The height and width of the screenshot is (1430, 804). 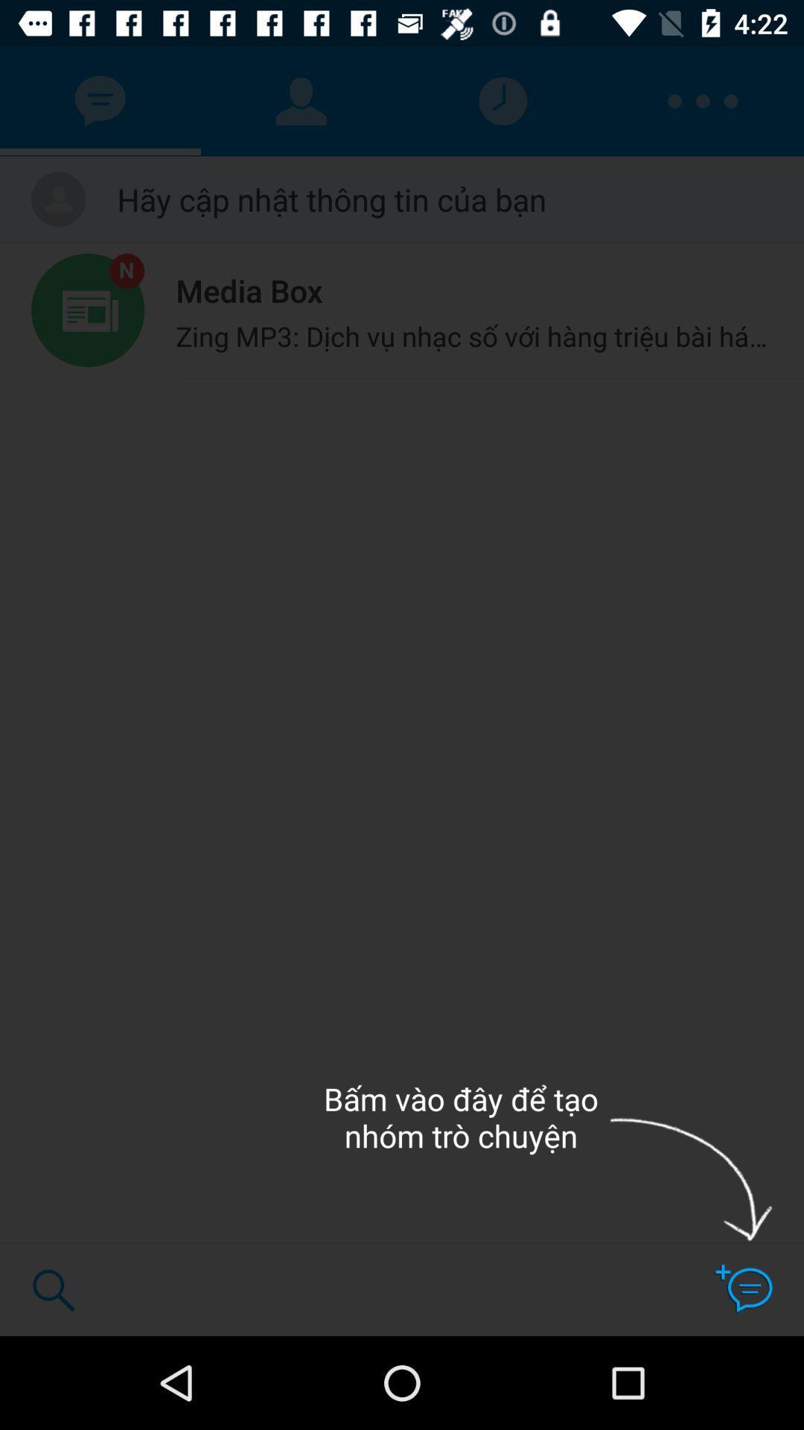 What do you see at coordinates (88, 310) in the screenshot?
I see `the image to the left of the text media box` at bounding box center [88, 310].